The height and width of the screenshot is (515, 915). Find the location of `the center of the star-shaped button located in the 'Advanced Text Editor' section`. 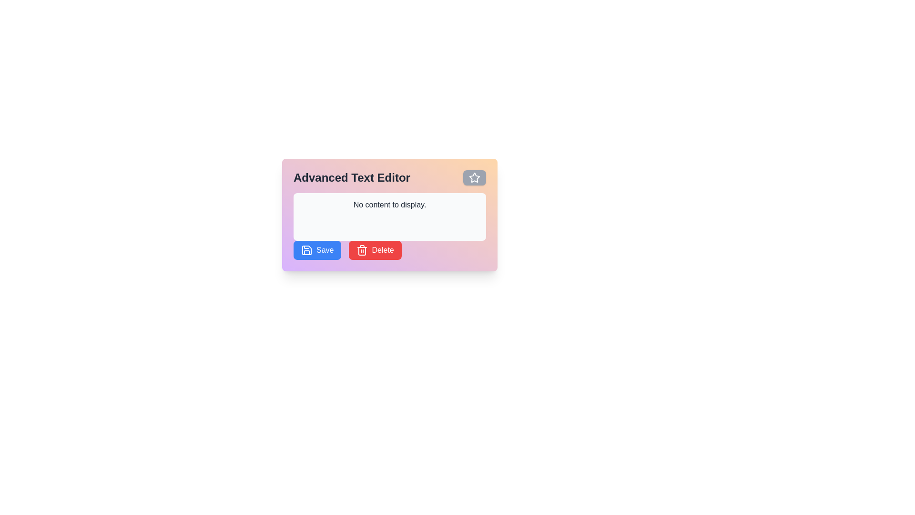

the center of the star-shaped button located in the 'Advanced Text Editor' section is located at coordinates (475, 178).